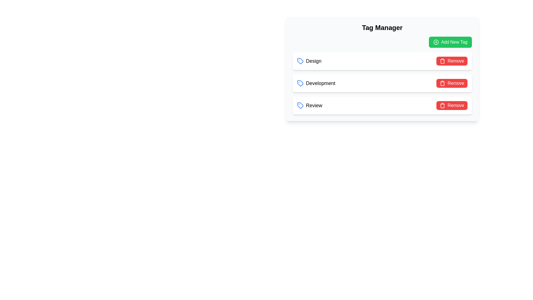 The height and width of the screenshot is (300, 533). What do you see at coordinates (442, 61) in the screenshot?
I see `the trash can icon within the 'Remove' button in the 'Design' row of the 'Tag Manager' interface to initiate the removal action` at bounding box center [442, 61].